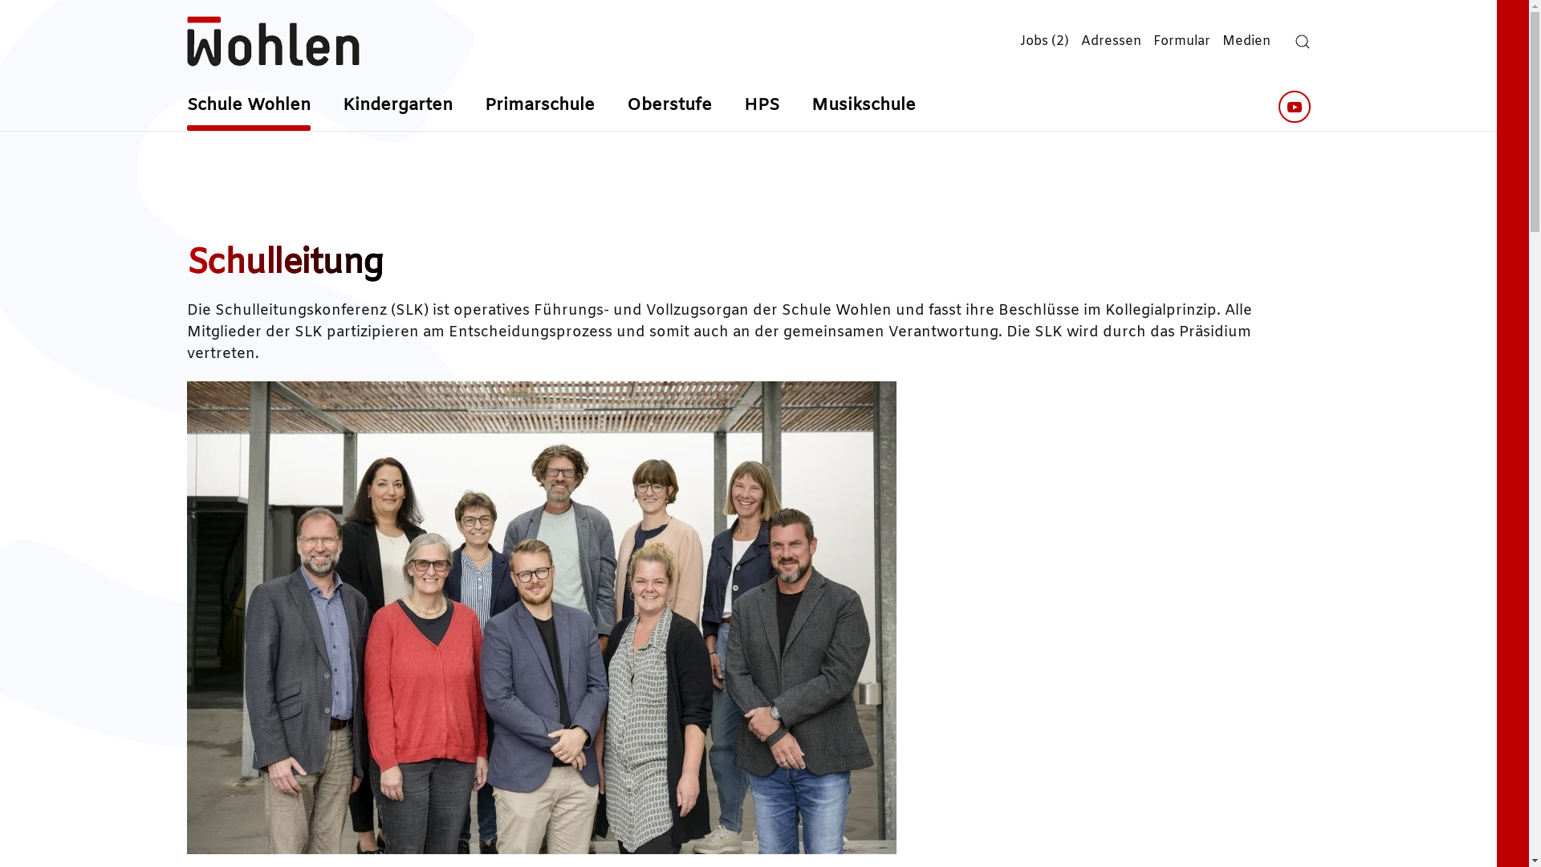 Image resolution: width=1541 pixels, height=867 pixels. What do you see at coordinates (1019, 40) in the screenshot?
I see `'Jobs (2)'` at bounding box center [1019, 40].